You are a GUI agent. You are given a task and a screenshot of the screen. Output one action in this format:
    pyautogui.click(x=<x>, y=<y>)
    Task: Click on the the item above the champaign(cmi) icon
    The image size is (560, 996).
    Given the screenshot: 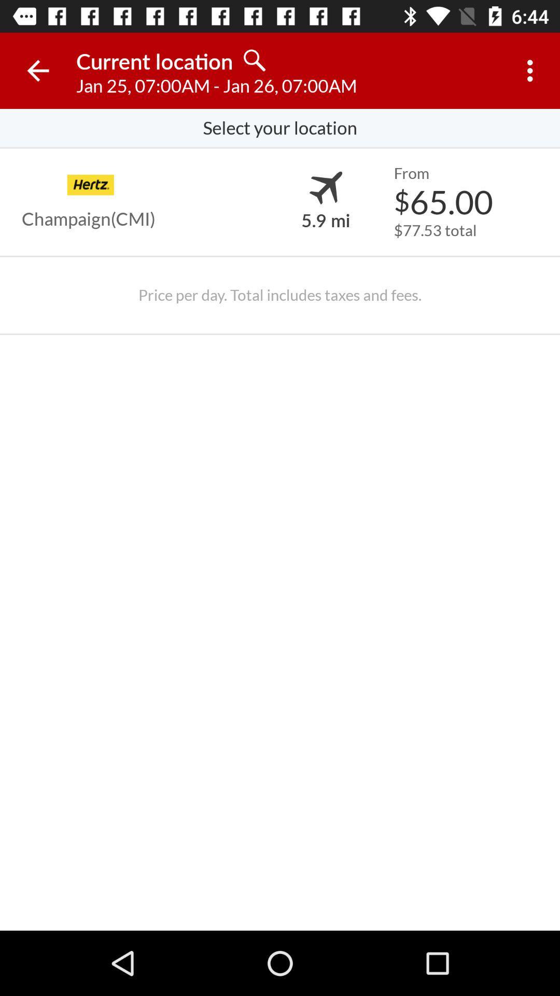 What is the action you would take?
    pyautogui.click(x=90, y=185)
    